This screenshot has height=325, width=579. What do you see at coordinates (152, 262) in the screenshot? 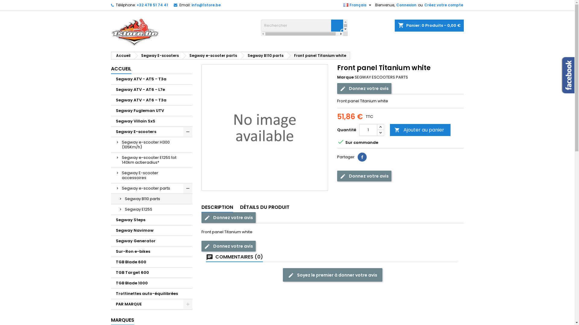
I see `'TGB Blade 600'` at bounding box center [152, 262].